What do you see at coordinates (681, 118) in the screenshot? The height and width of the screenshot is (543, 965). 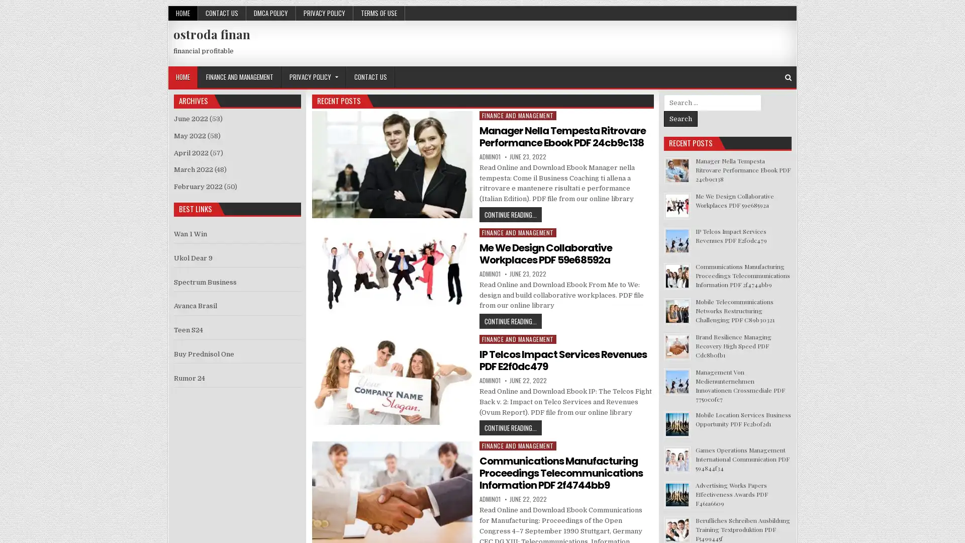 I see `Search` at bounding box center [681, 118].